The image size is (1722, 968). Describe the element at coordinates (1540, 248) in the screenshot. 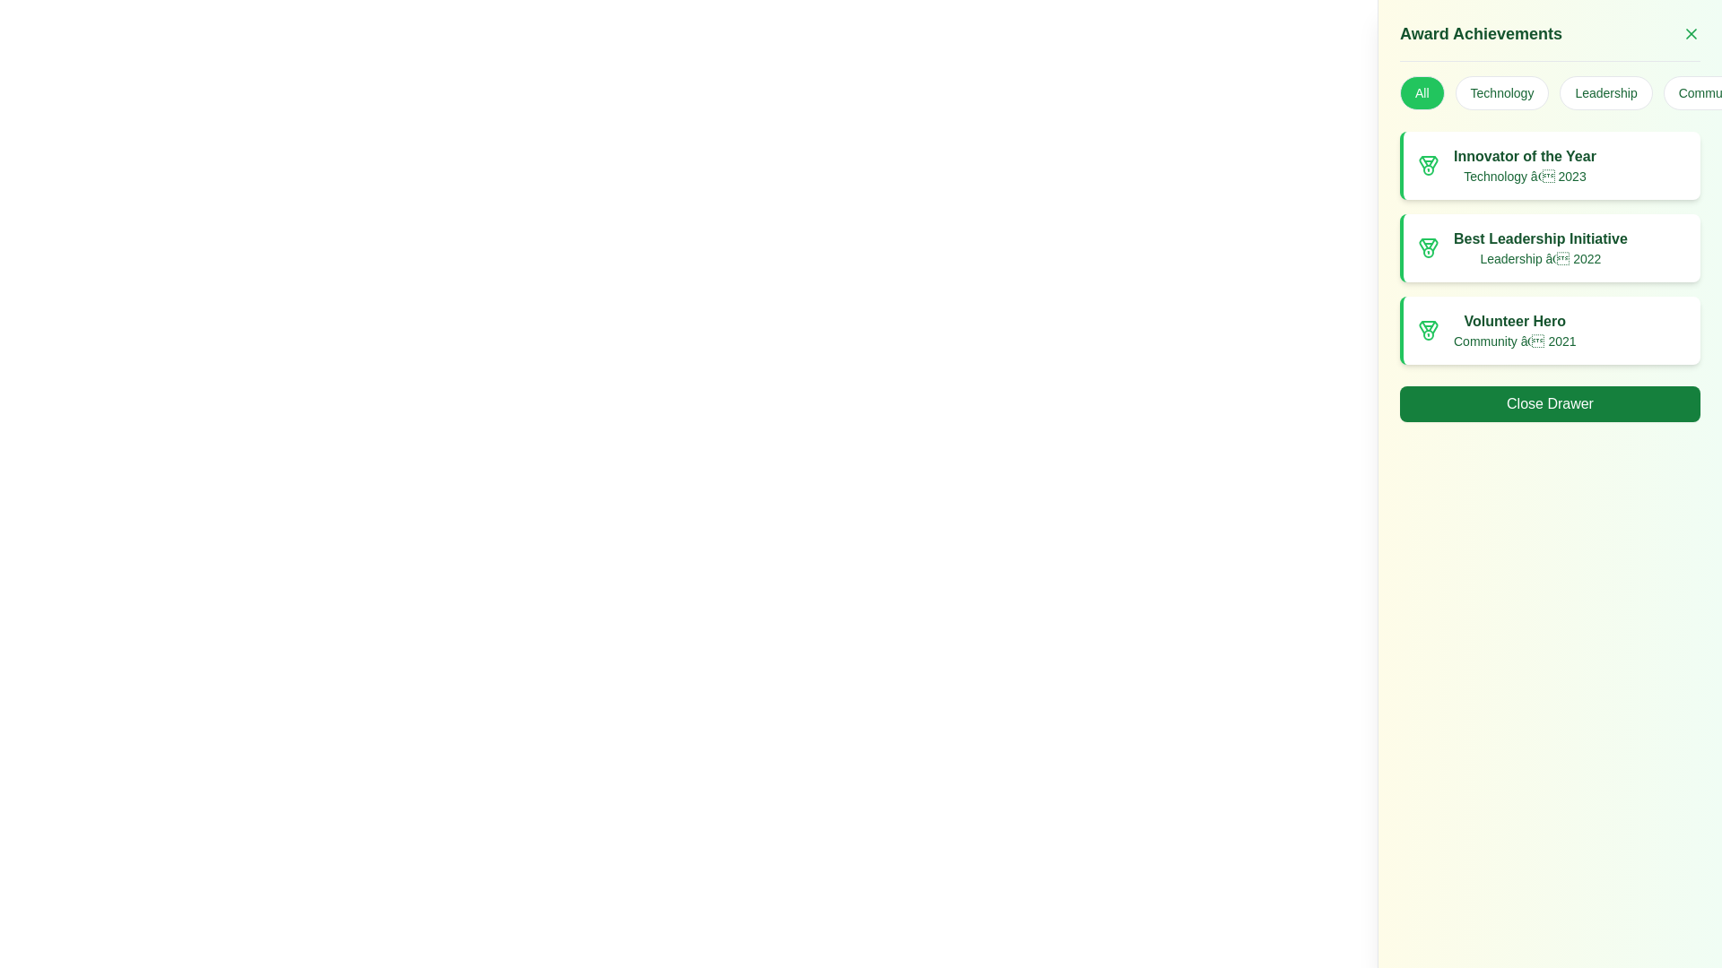

I see `the 'Best Leadership Initiative' text label, which is a bold green label in the second card of the 'Award Achievements' panel` at that location.